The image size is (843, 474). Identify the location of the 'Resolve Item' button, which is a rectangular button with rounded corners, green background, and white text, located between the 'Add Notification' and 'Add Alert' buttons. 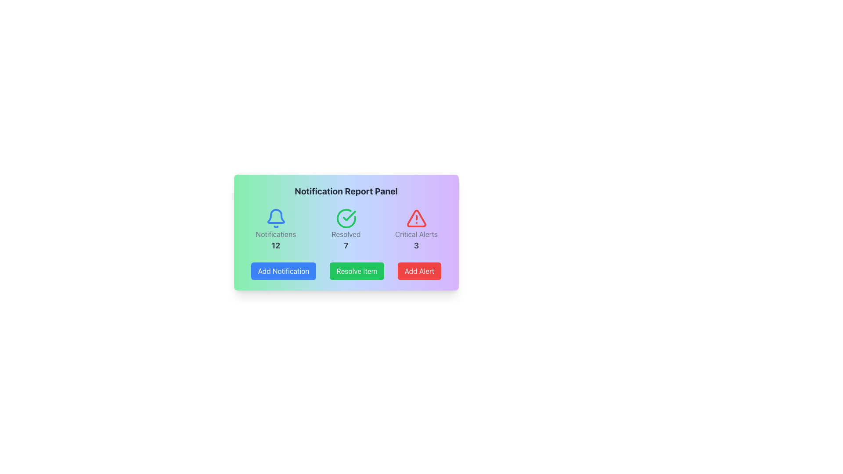
(357, 270).